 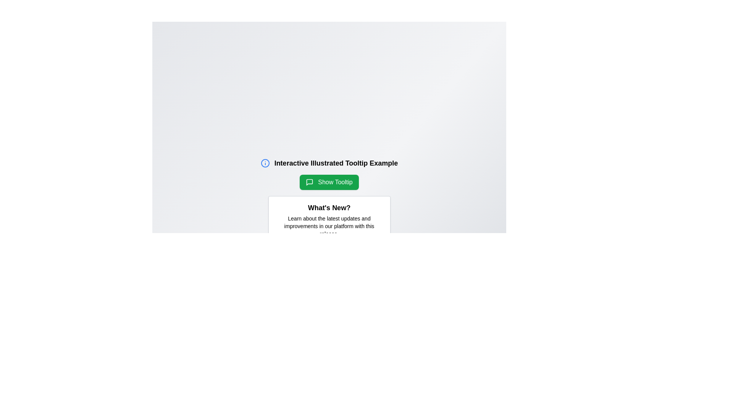 What do you see at coordinates (310, 182) in the screenshot?
I see `the SVG icon indicating a messaging or tooltip action within the 'Show Tooltip' button, located beneath the title 'Interactive Illustrated Tooltip Example'` at bounding box center [310, 182].